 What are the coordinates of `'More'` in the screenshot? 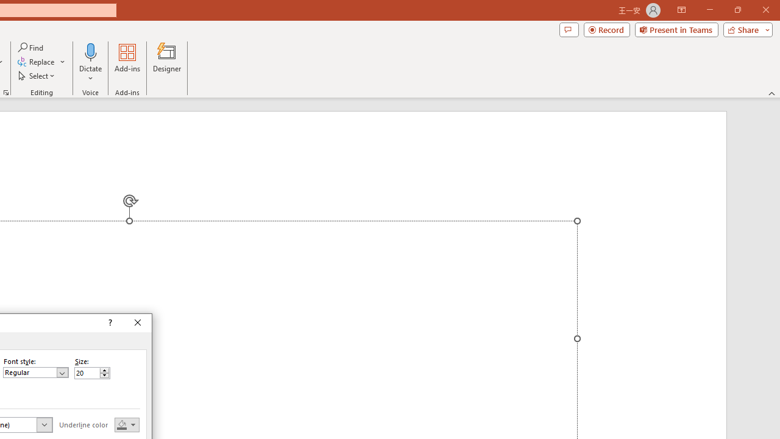 It's located at (104, 369).